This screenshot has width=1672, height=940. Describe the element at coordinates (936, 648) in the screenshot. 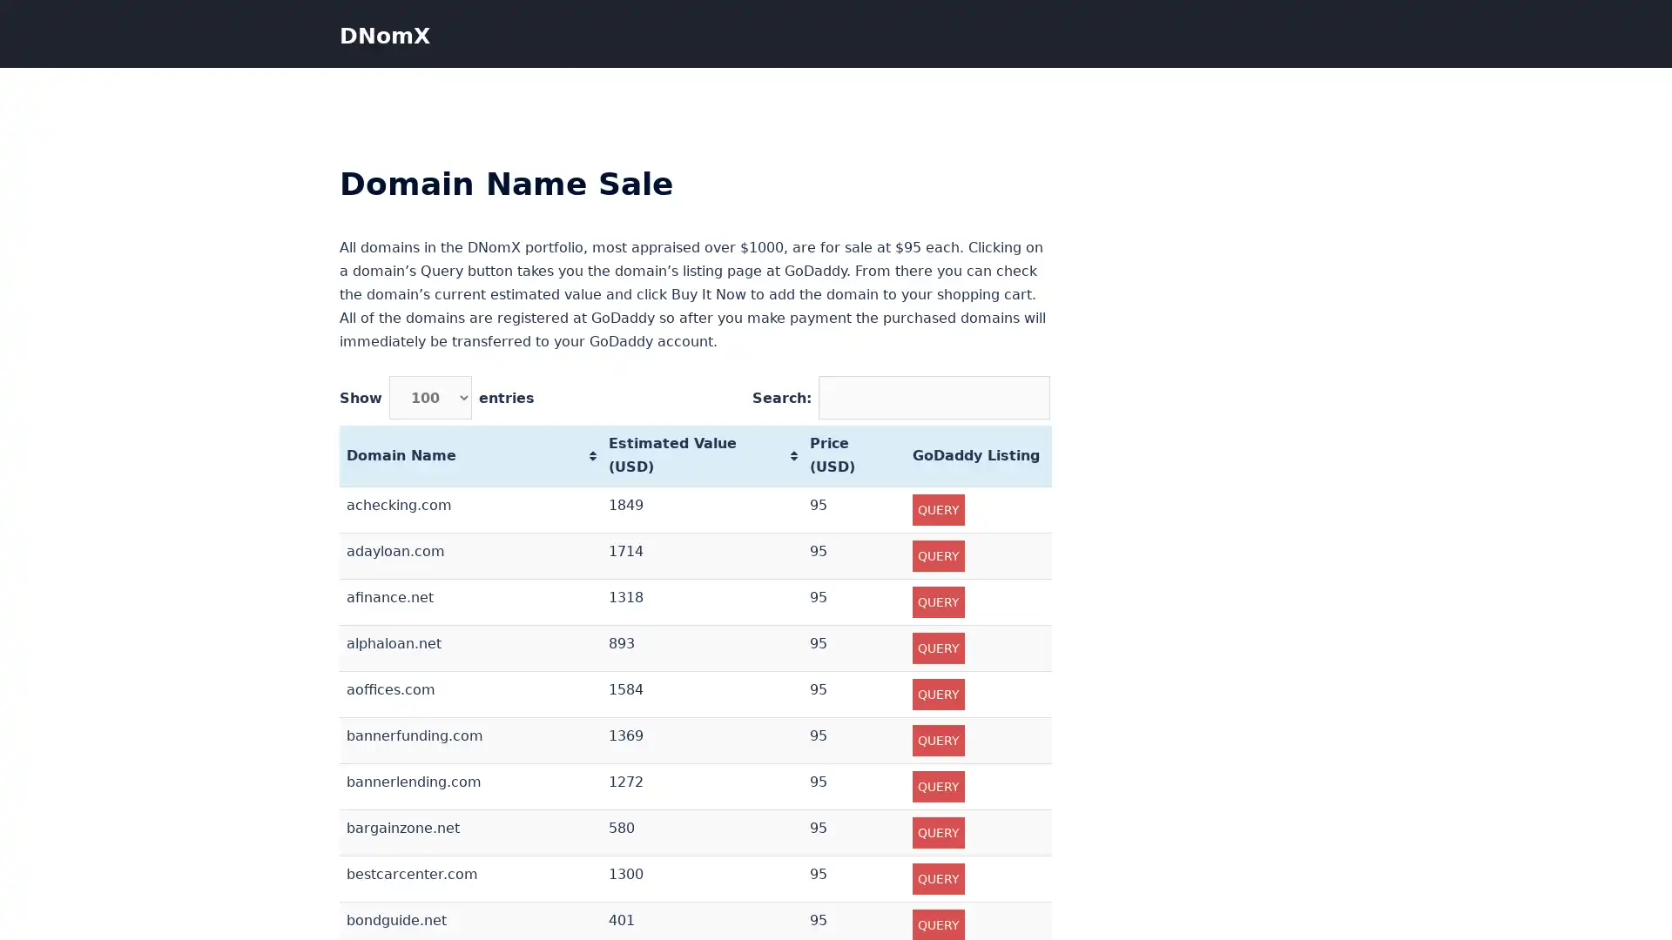

I see `QUERY` at that location.